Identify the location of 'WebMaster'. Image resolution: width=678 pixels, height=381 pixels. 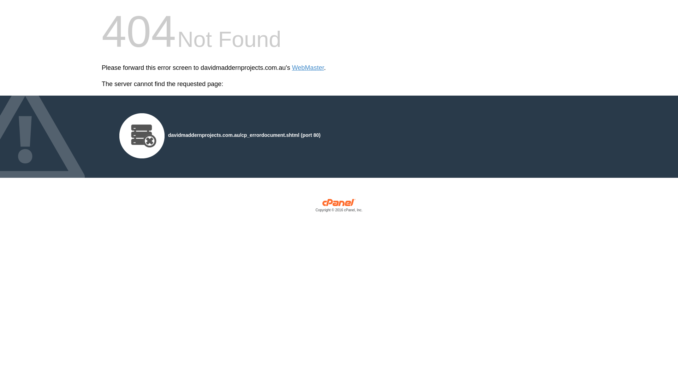
(308, 68).